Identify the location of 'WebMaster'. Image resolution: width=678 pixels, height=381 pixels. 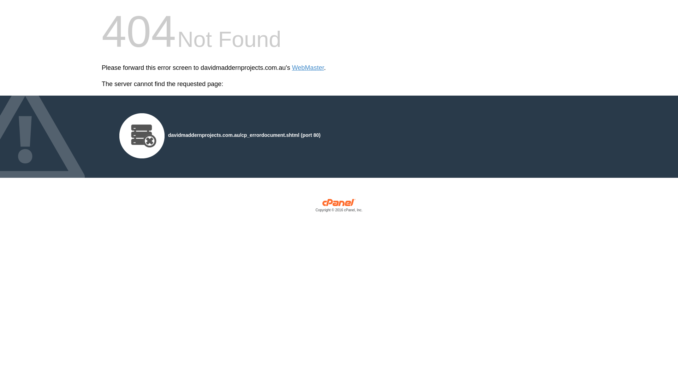
(308, 68).